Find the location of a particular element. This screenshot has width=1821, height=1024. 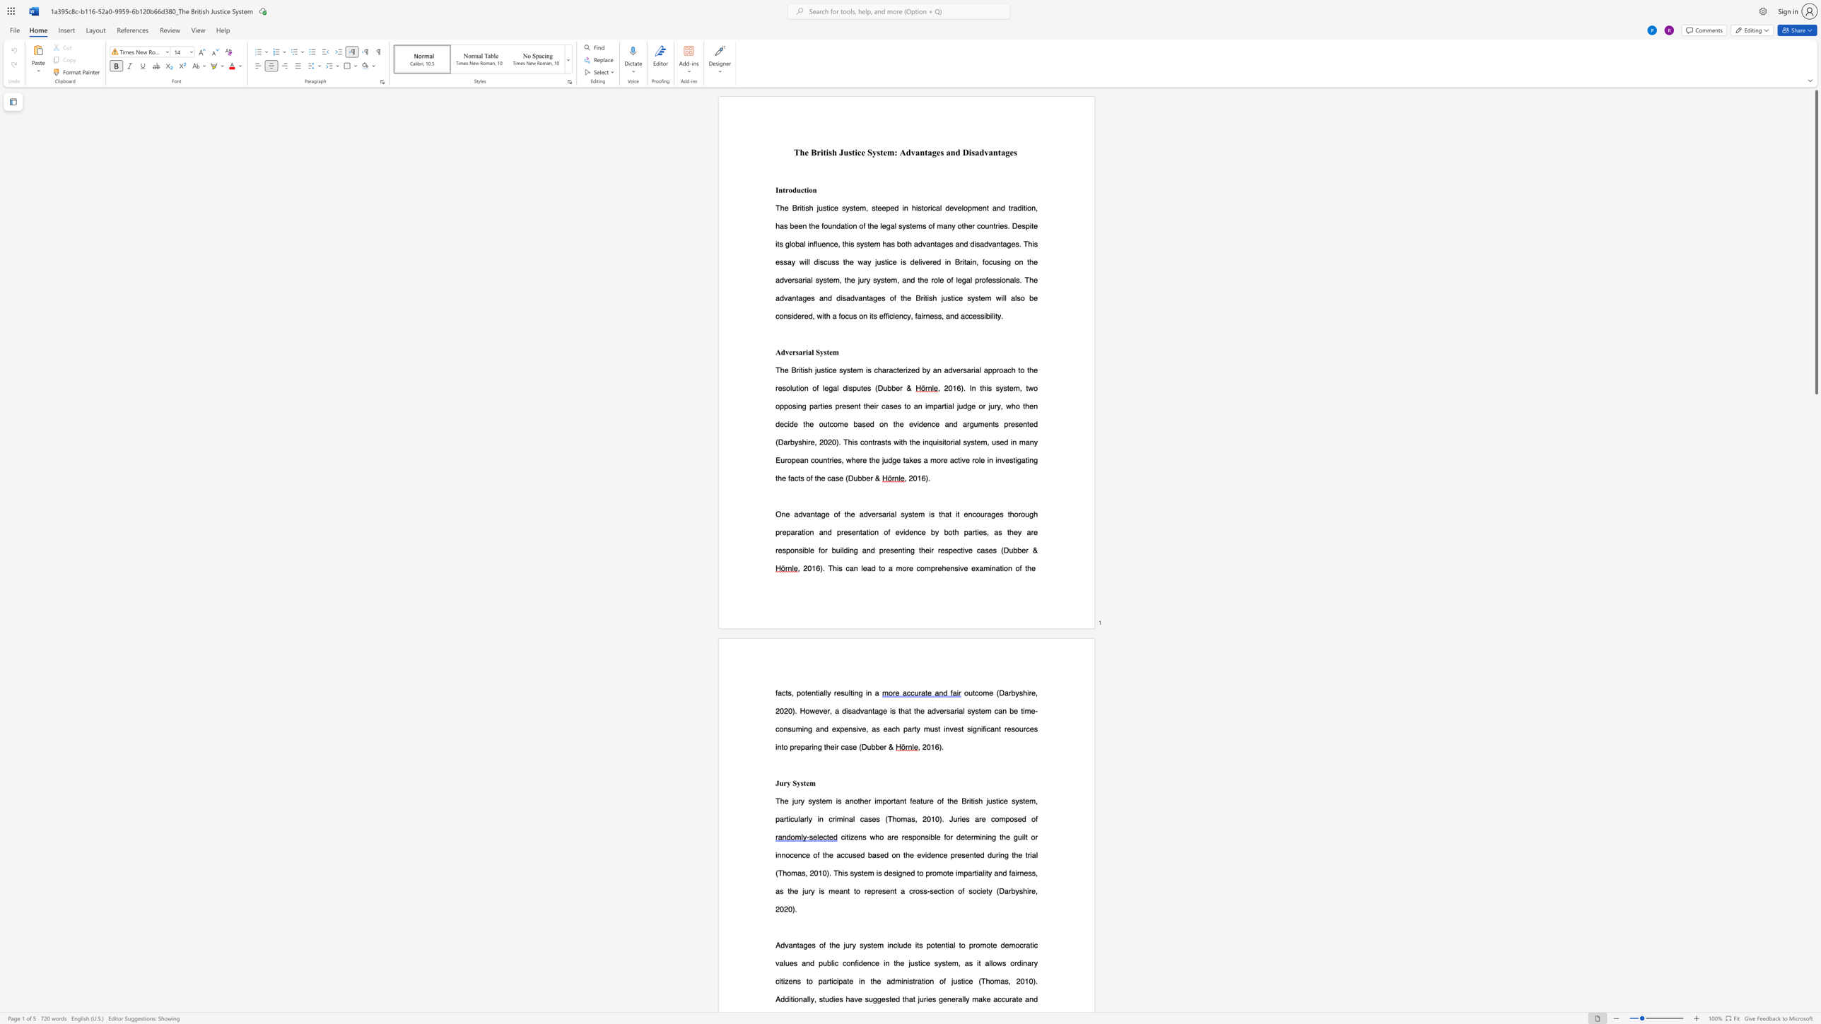

the subset text "ustice Sys" within the text "The British Justice System: Advantages and Disadvantages" is located at coordinates (843, 152).